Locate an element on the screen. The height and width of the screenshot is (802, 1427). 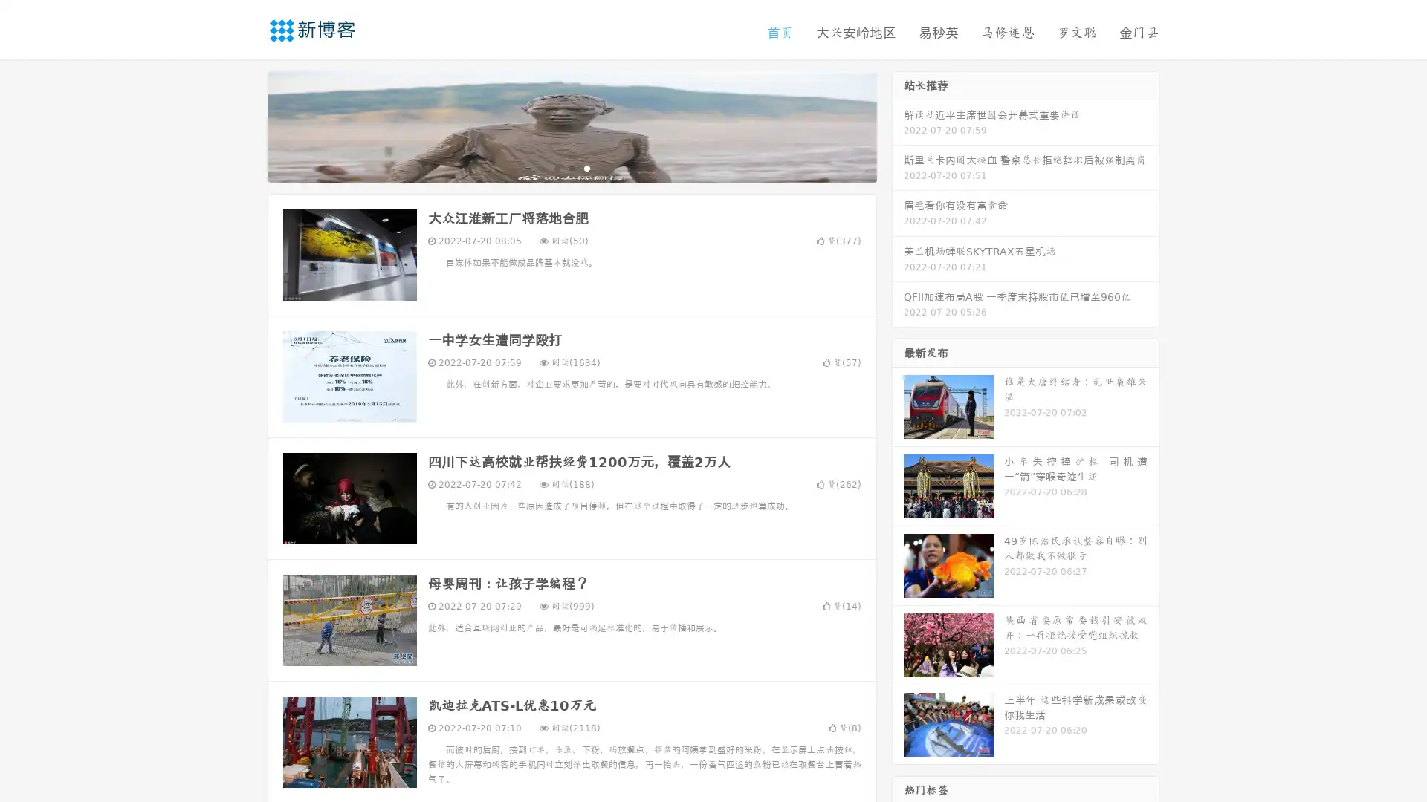
Next slide is located at coordinates (898, 125).